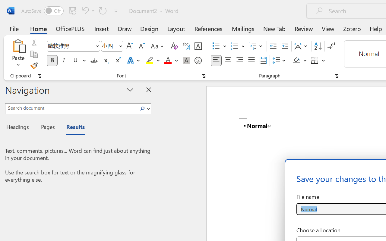  What do you see at coordinates (208, 28) in the screenshot?
I see `'References'` at bounding box center [208, 28].